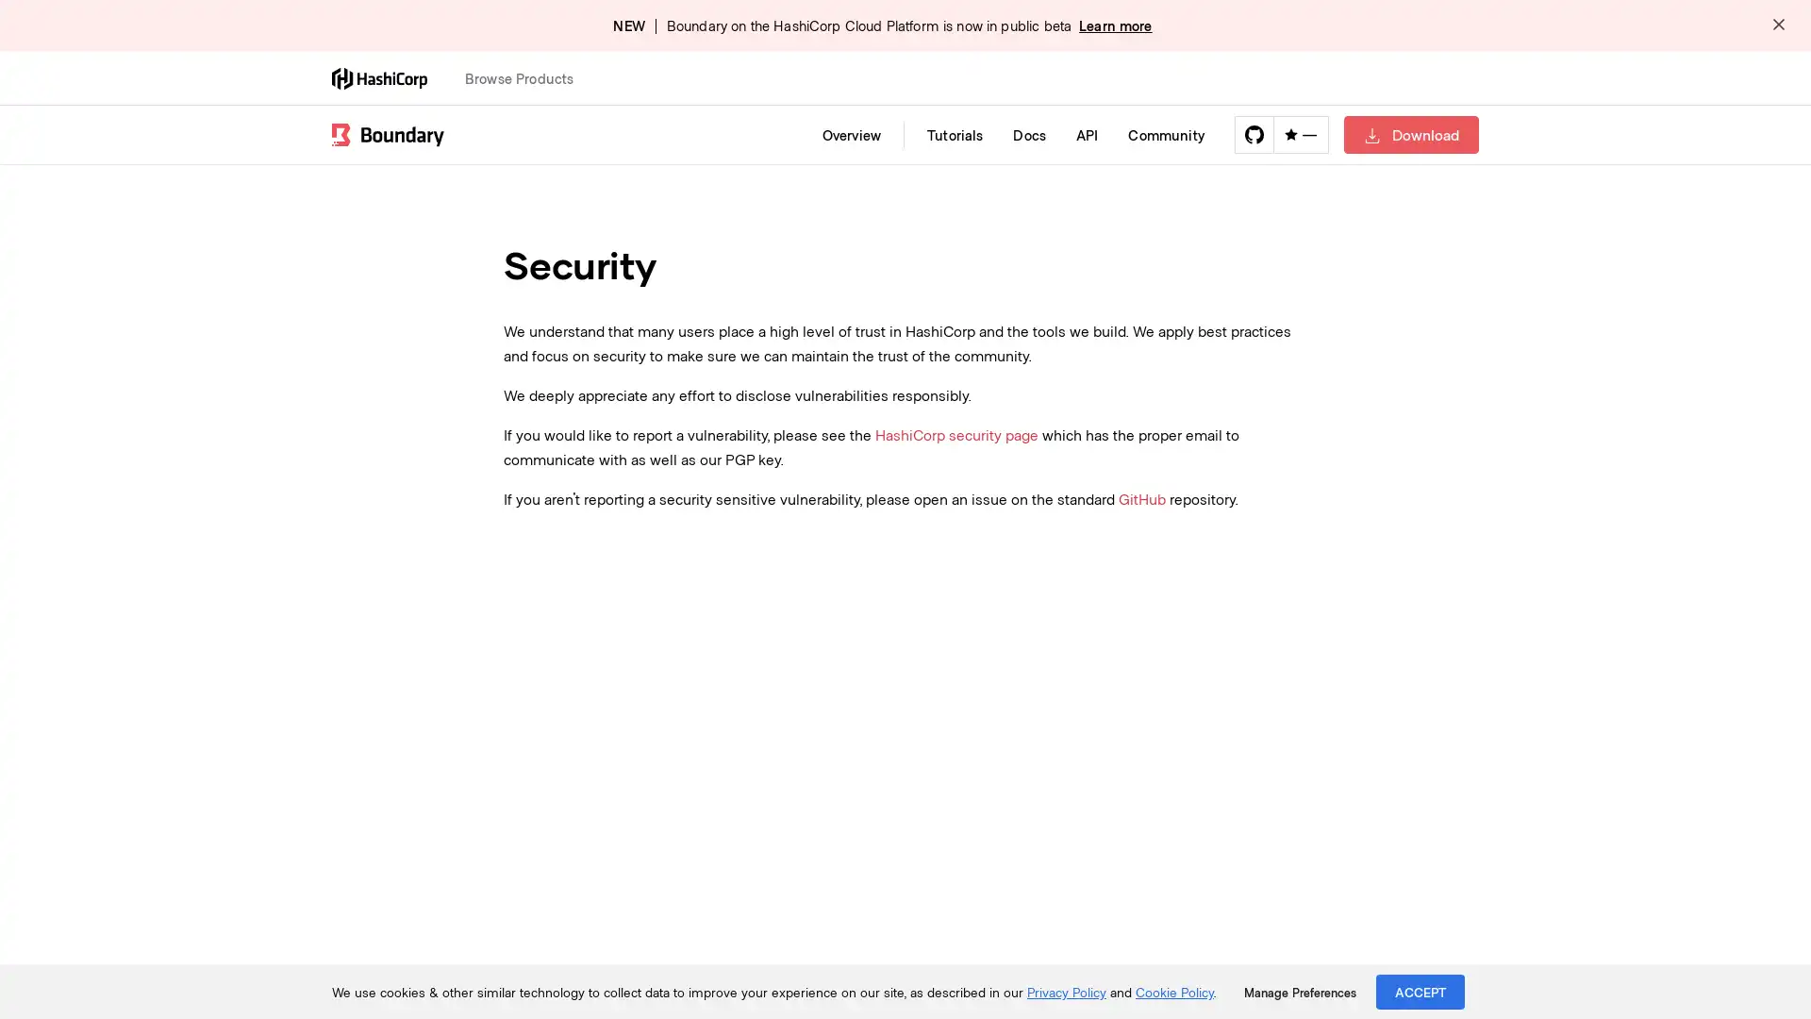 The image size is (1811, 1019). I want to click on Browse Products Open this menu, so click(527, 77).